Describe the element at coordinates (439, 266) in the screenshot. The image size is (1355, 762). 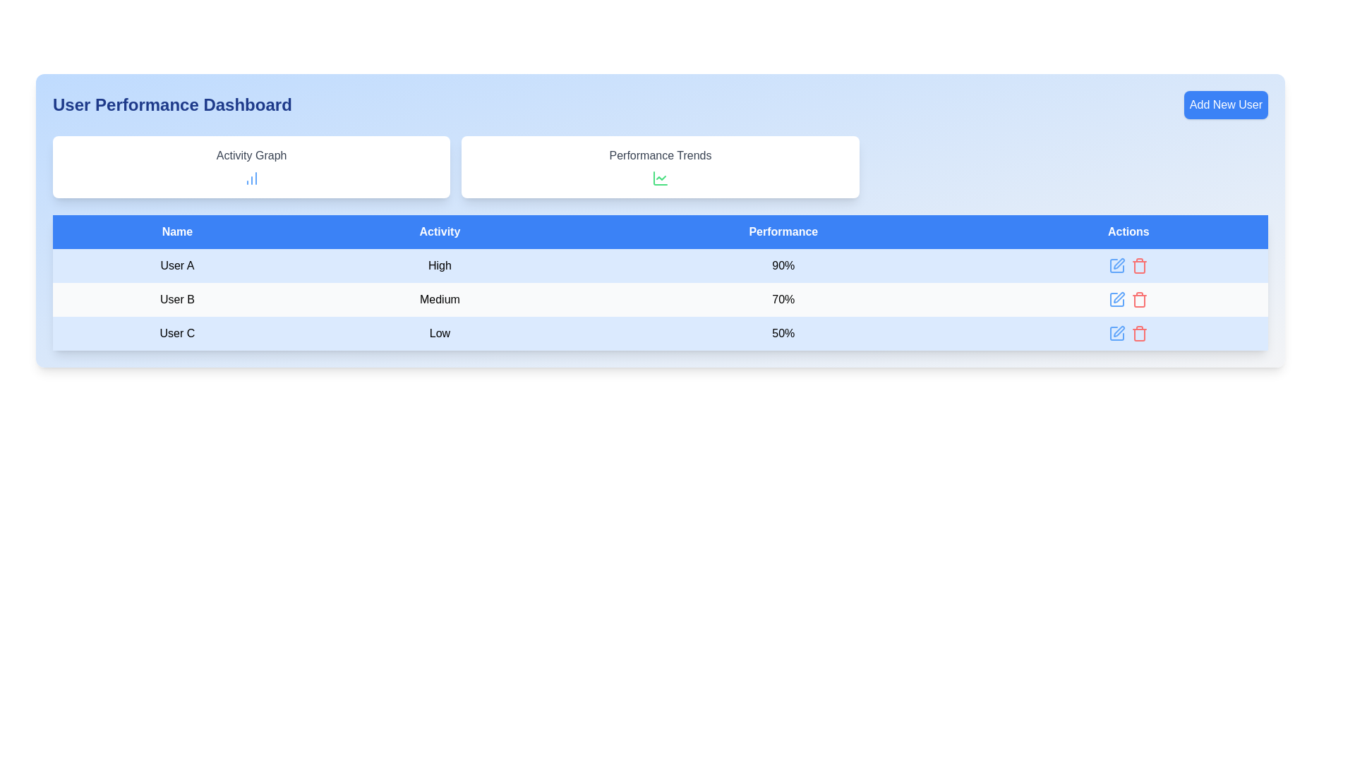
I see `the text label 'High' in the second column of the first row of the table, which is part of the structured data for 'User A'` at that location.